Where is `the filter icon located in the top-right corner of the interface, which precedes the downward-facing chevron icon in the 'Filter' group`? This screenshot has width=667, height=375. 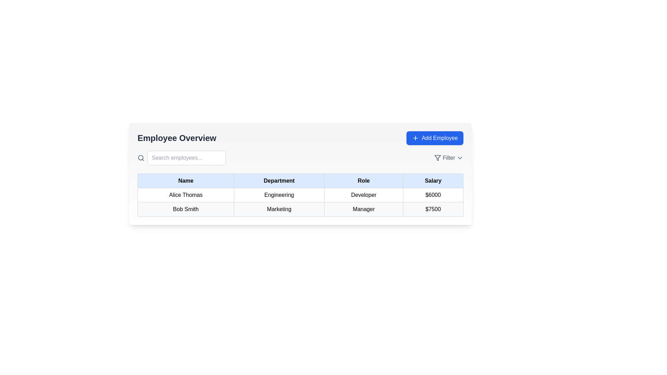
the filter icon located in the top-right corner of the interface, which precedes the downward-facing chevron icon in the 'Filter' group is located at coordinates (437, 158).